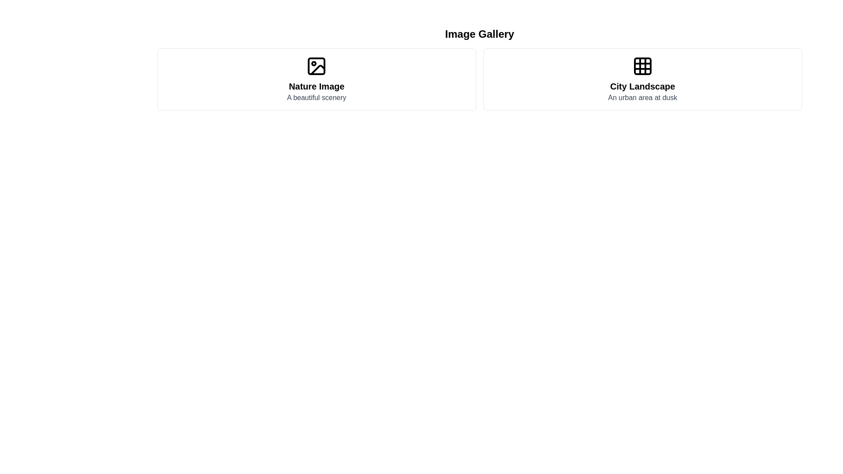  What do you see at coordinates (642, 65) in the screenshot?
I see `the central rectangular section of the grid icon, which is part of a gallery layout above the 'City Landscape' label` at bounding box center [642, 65].